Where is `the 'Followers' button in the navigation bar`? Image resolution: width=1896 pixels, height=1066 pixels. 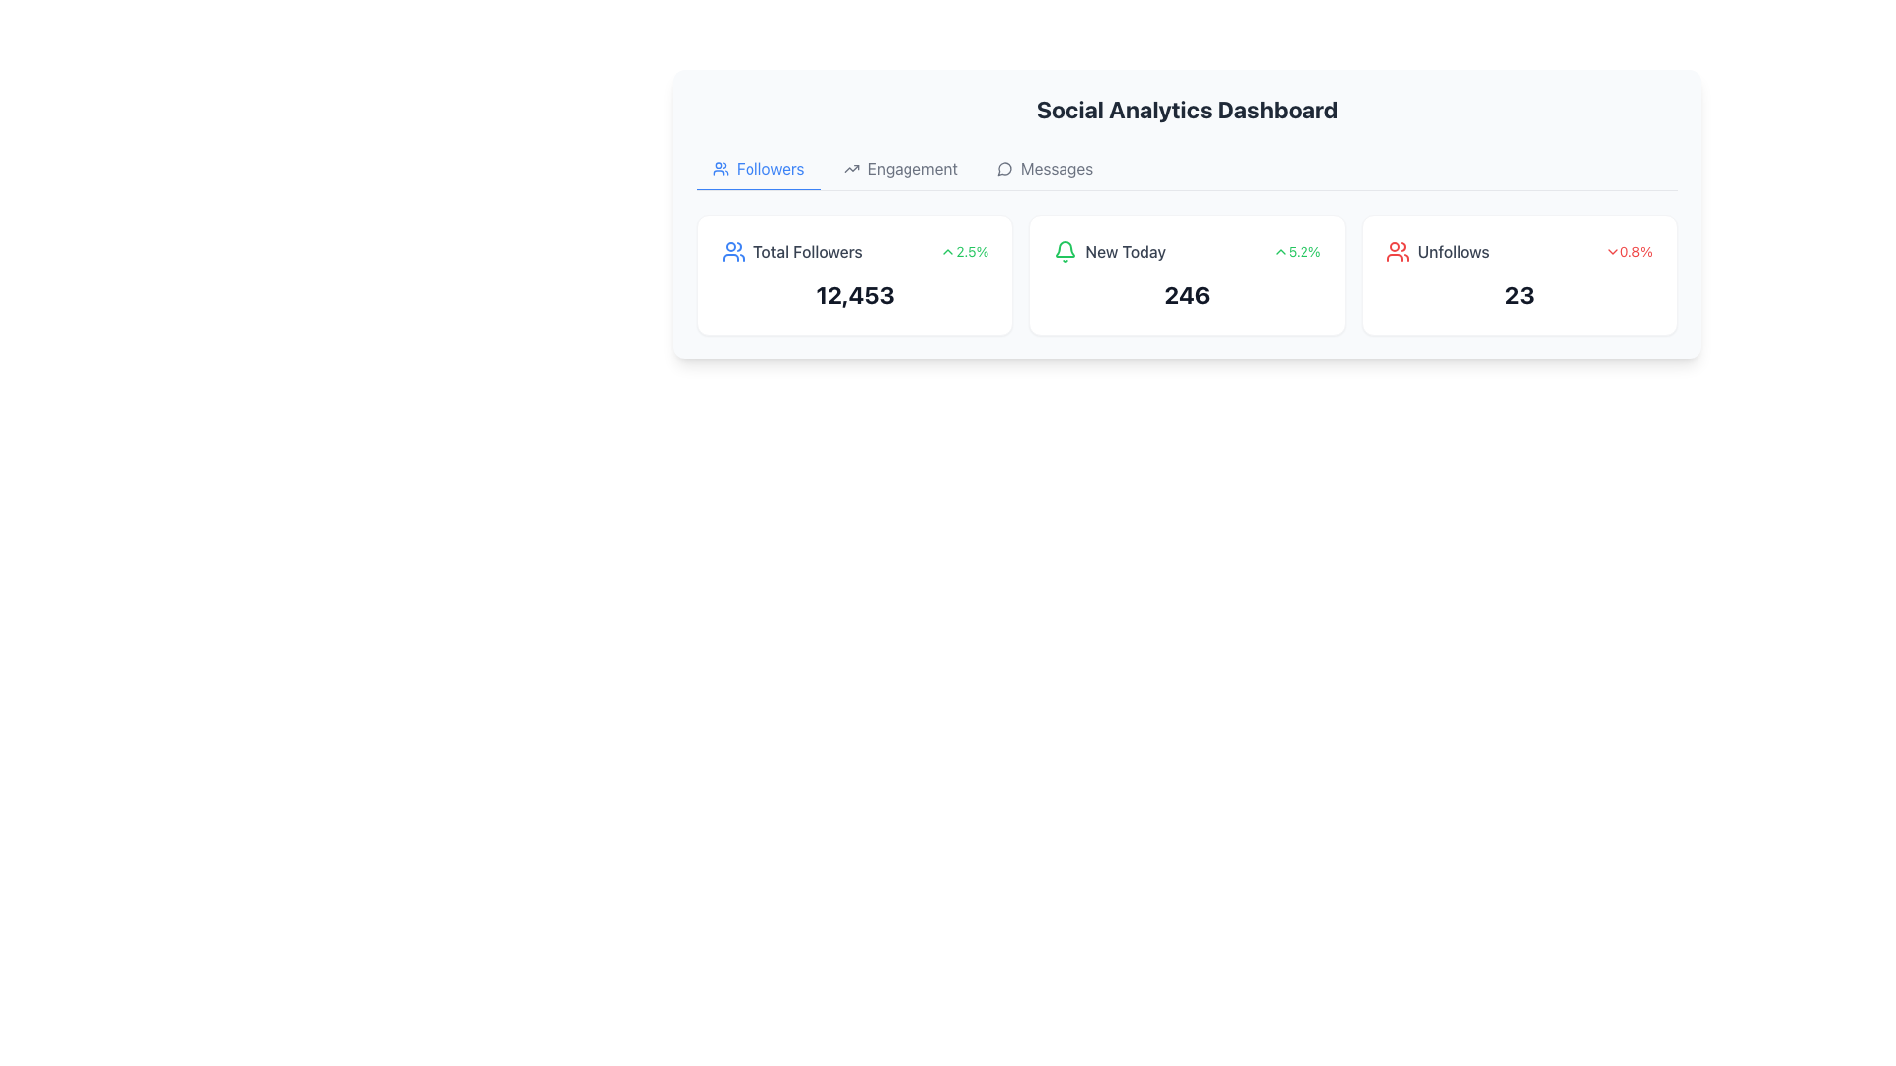
the 'Followers' button in the navigation bar is located at coordinates (757, 169).